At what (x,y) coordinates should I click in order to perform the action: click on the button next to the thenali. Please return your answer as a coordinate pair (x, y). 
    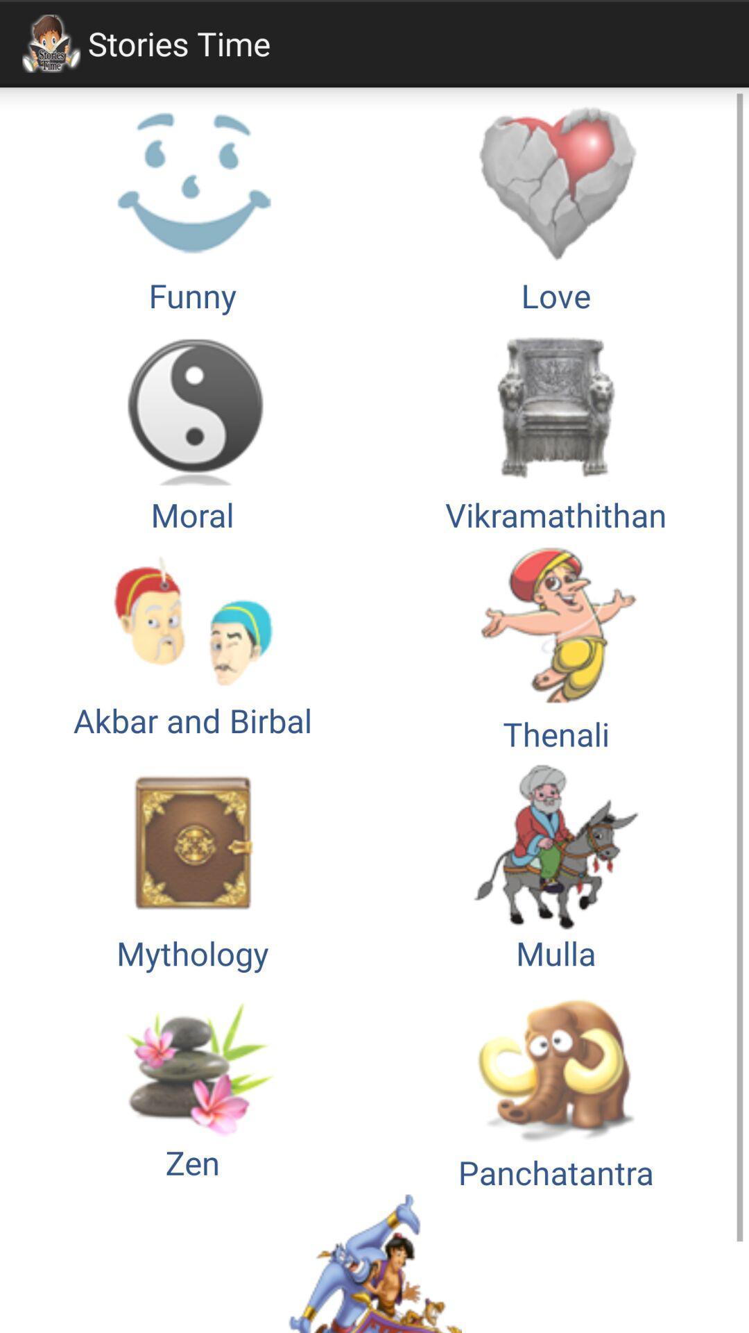
    Looking at the image, I should click on (192, 646).